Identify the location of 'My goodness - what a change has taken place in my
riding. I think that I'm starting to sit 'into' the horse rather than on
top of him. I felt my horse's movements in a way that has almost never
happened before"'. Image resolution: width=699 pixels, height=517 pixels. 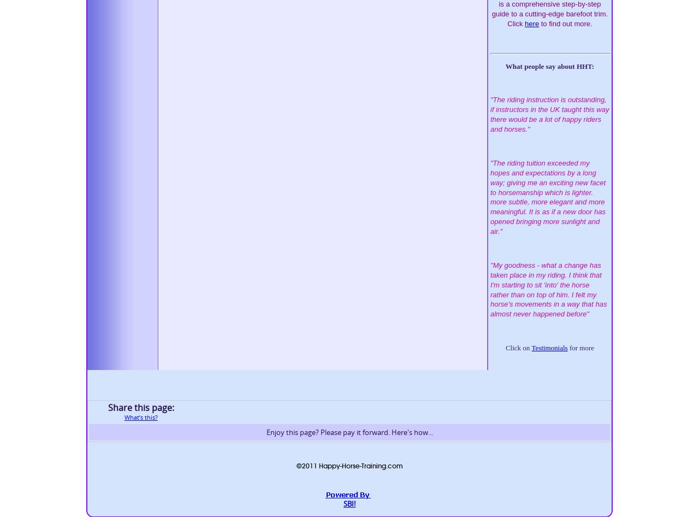
(490, 289).